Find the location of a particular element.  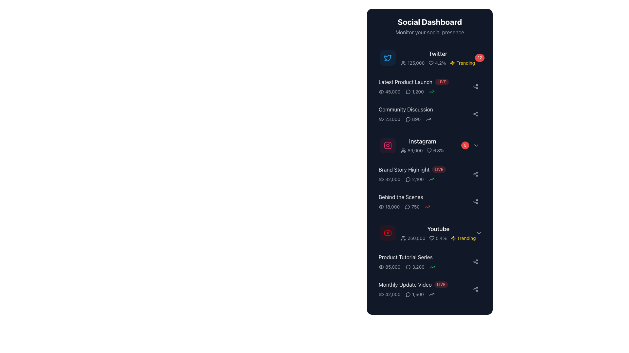

the non-interactive text display that indicates a percentage metric associated with the 'YouTube' row in the 'Social Dashboard' panel, located next to '250,000' and preceding 'Trending' is located at coordinates (438, 238).